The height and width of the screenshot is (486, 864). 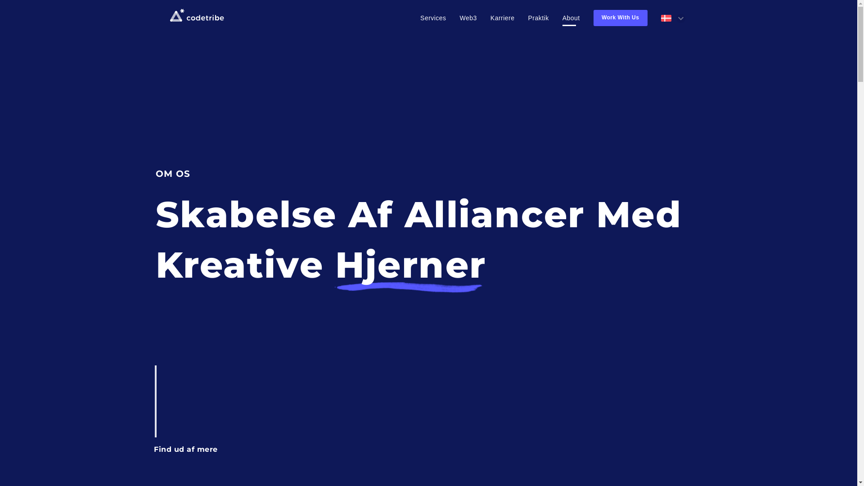 I want to click on 'Web3', so click(x=468, y=18).